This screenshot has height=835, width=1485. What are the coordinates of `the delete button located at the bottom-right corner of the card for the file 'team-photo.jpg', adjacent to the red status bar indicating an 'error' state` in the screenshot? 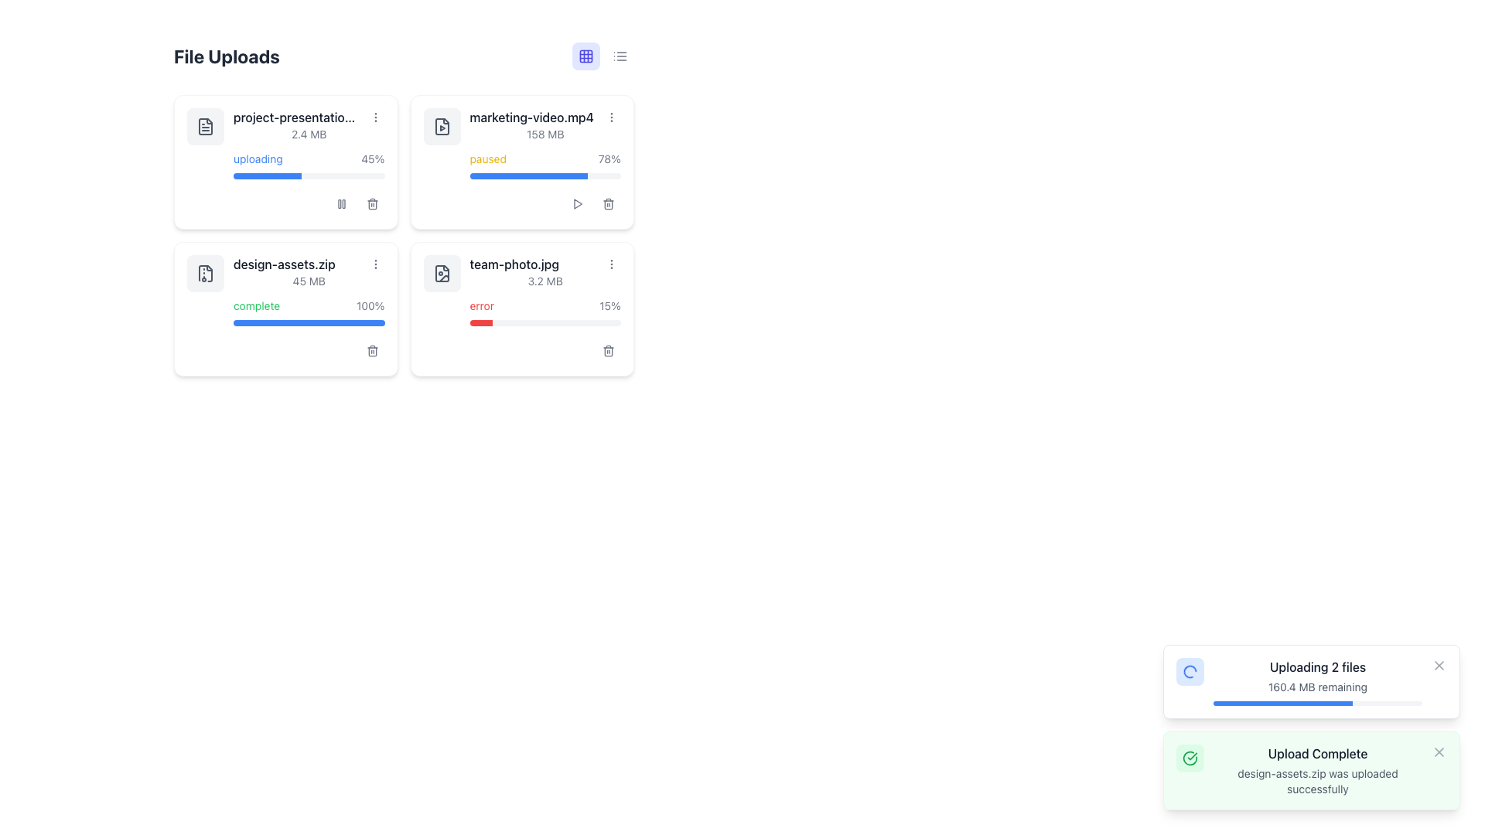 It's located at (608, 351).